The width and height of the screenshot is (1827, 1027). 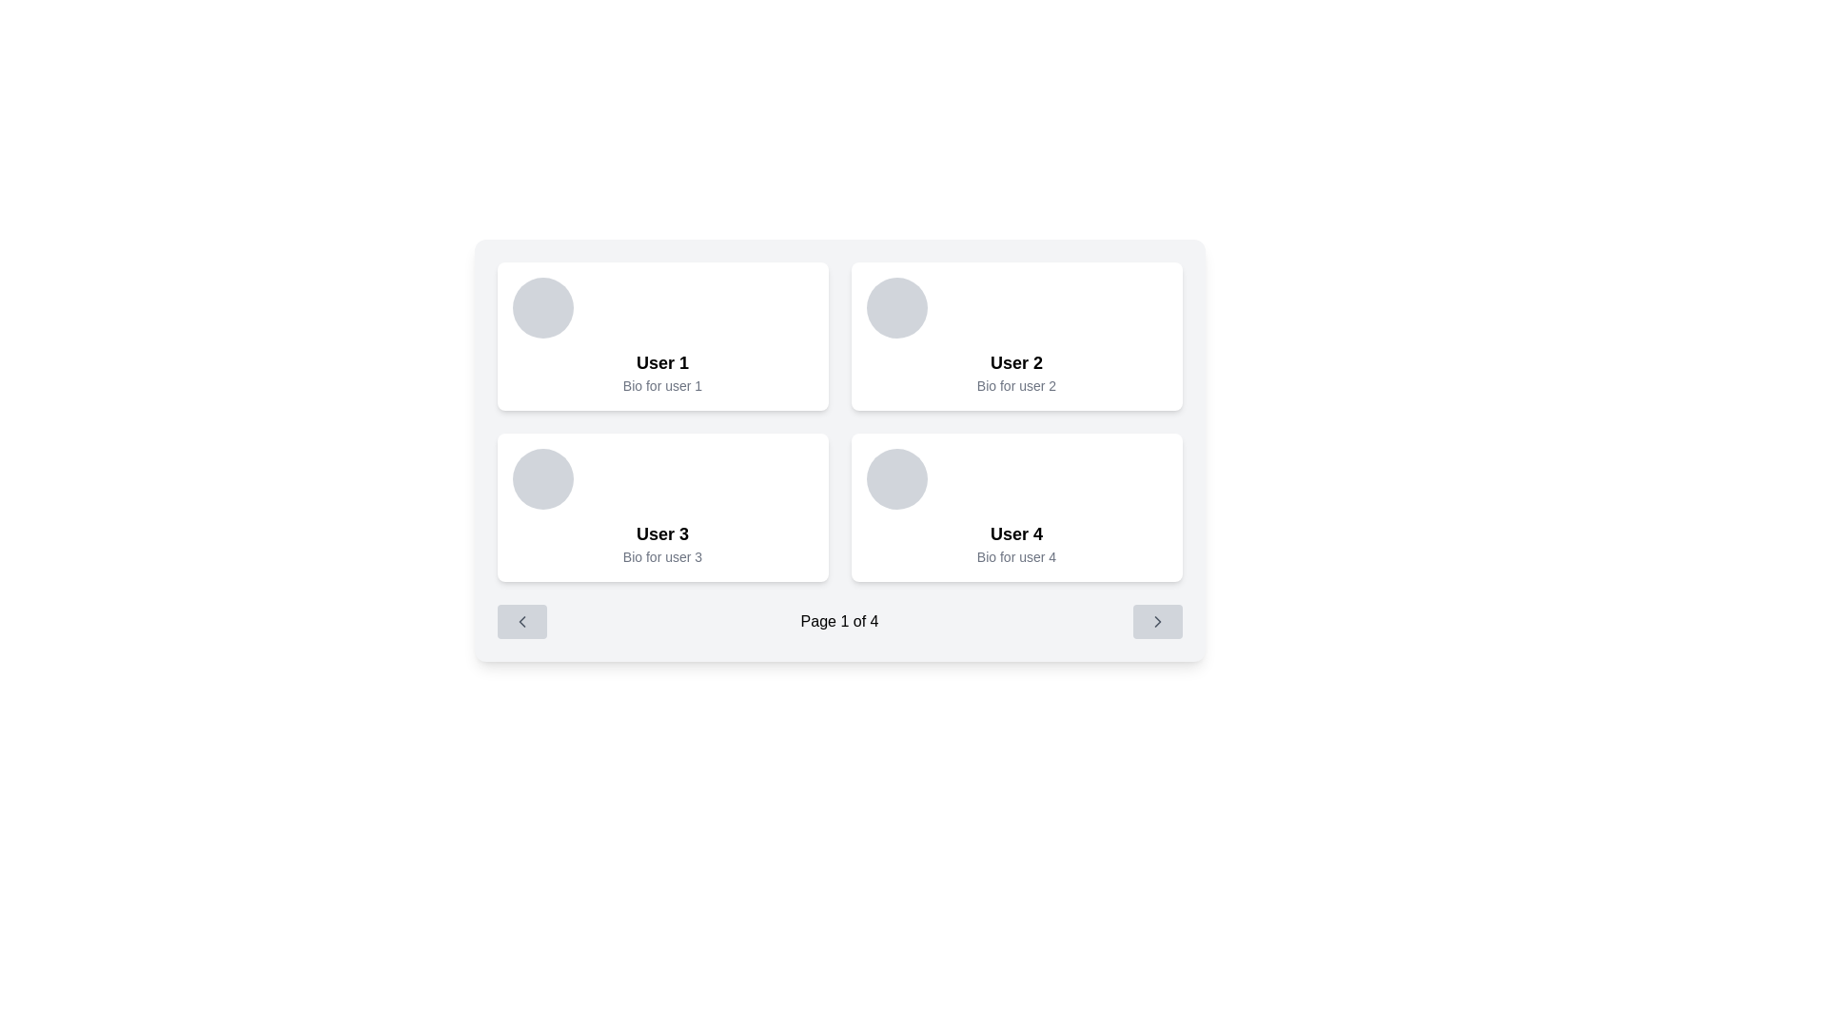 I want to click on the text 'Bio for user 2' located below the bolded title 'User 2' within the user card, so click(x=1015, y=385).